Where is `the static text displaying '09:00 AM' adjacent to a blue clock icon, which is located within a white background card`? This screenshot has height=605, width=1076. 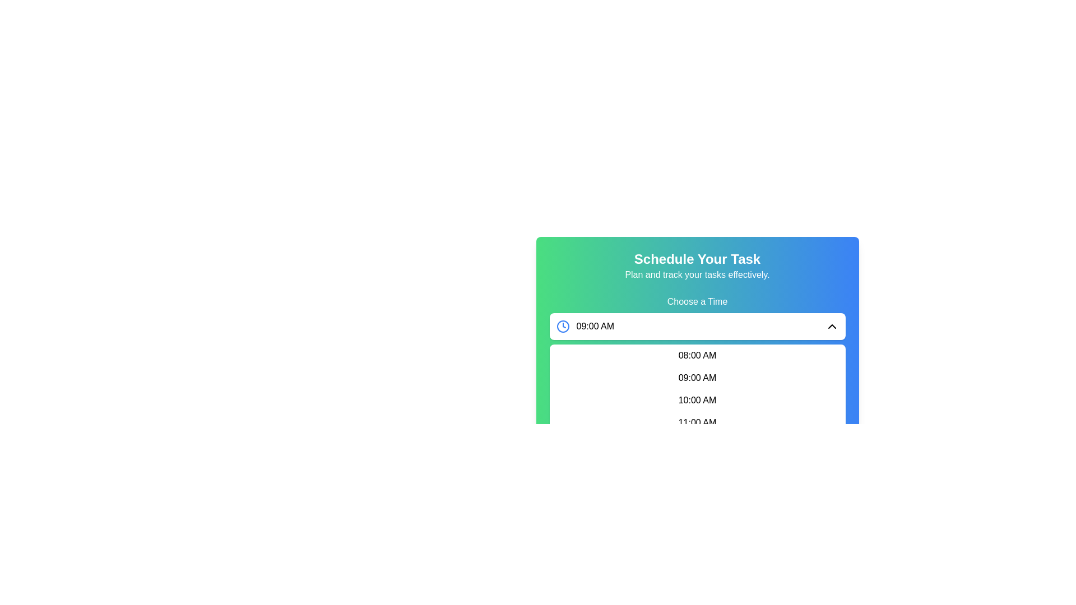
the static text displaying '09:00 AM' adjacent to a blue clock icon, which is located within a white background card is located at coordinates (585, 326).